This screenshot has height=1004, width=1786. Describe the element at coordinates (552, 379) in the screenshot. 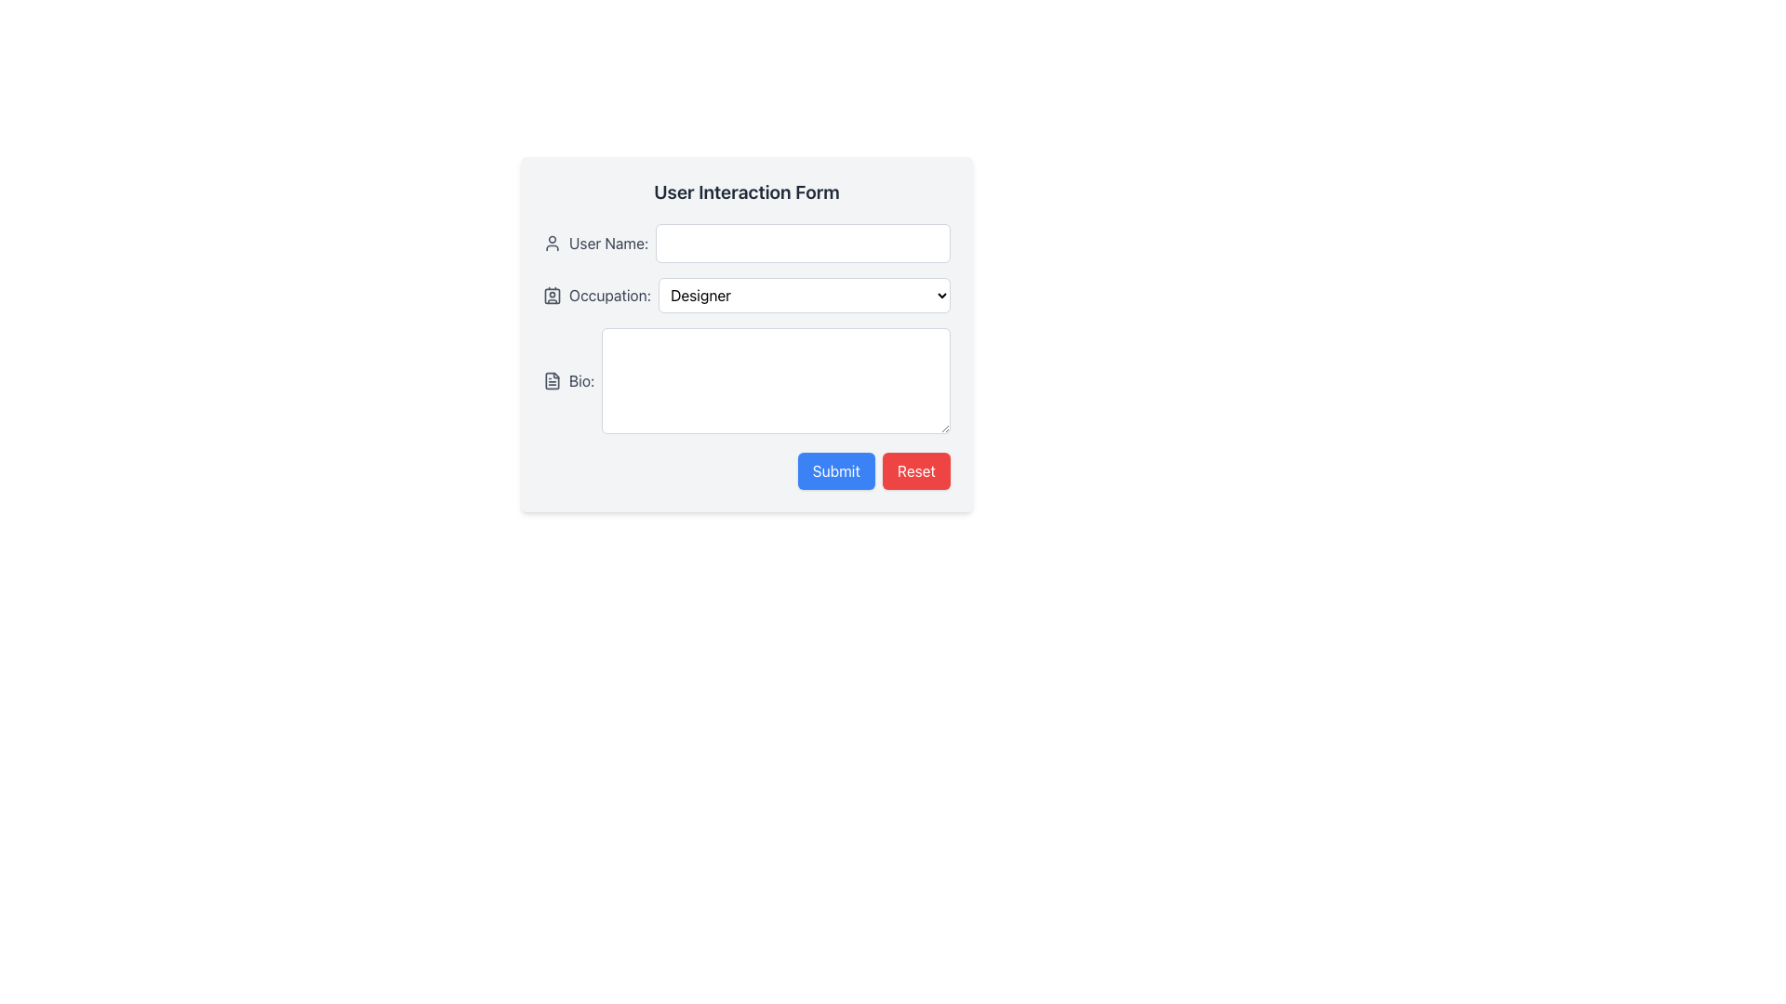

I see `the icon that serves as a visual indicator for the 'Bio:' field, located to the left of the 'Bio:' label and above the text area input field` at that location.